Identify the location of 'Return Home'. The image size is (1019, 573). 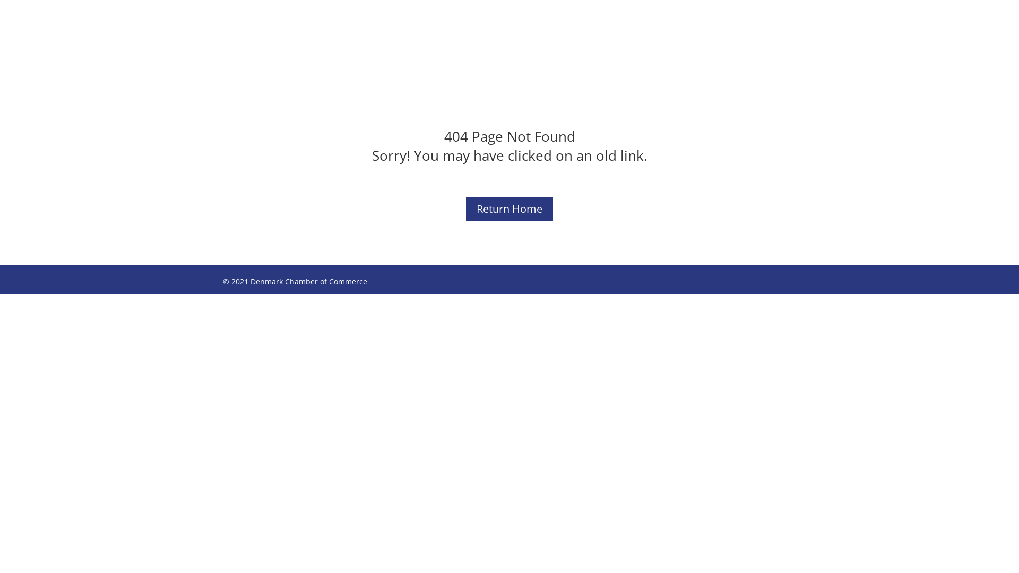
(509, 209).